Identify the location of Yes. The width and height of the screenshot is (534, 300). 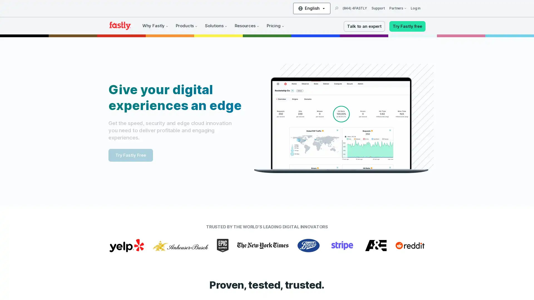
(56, 264).